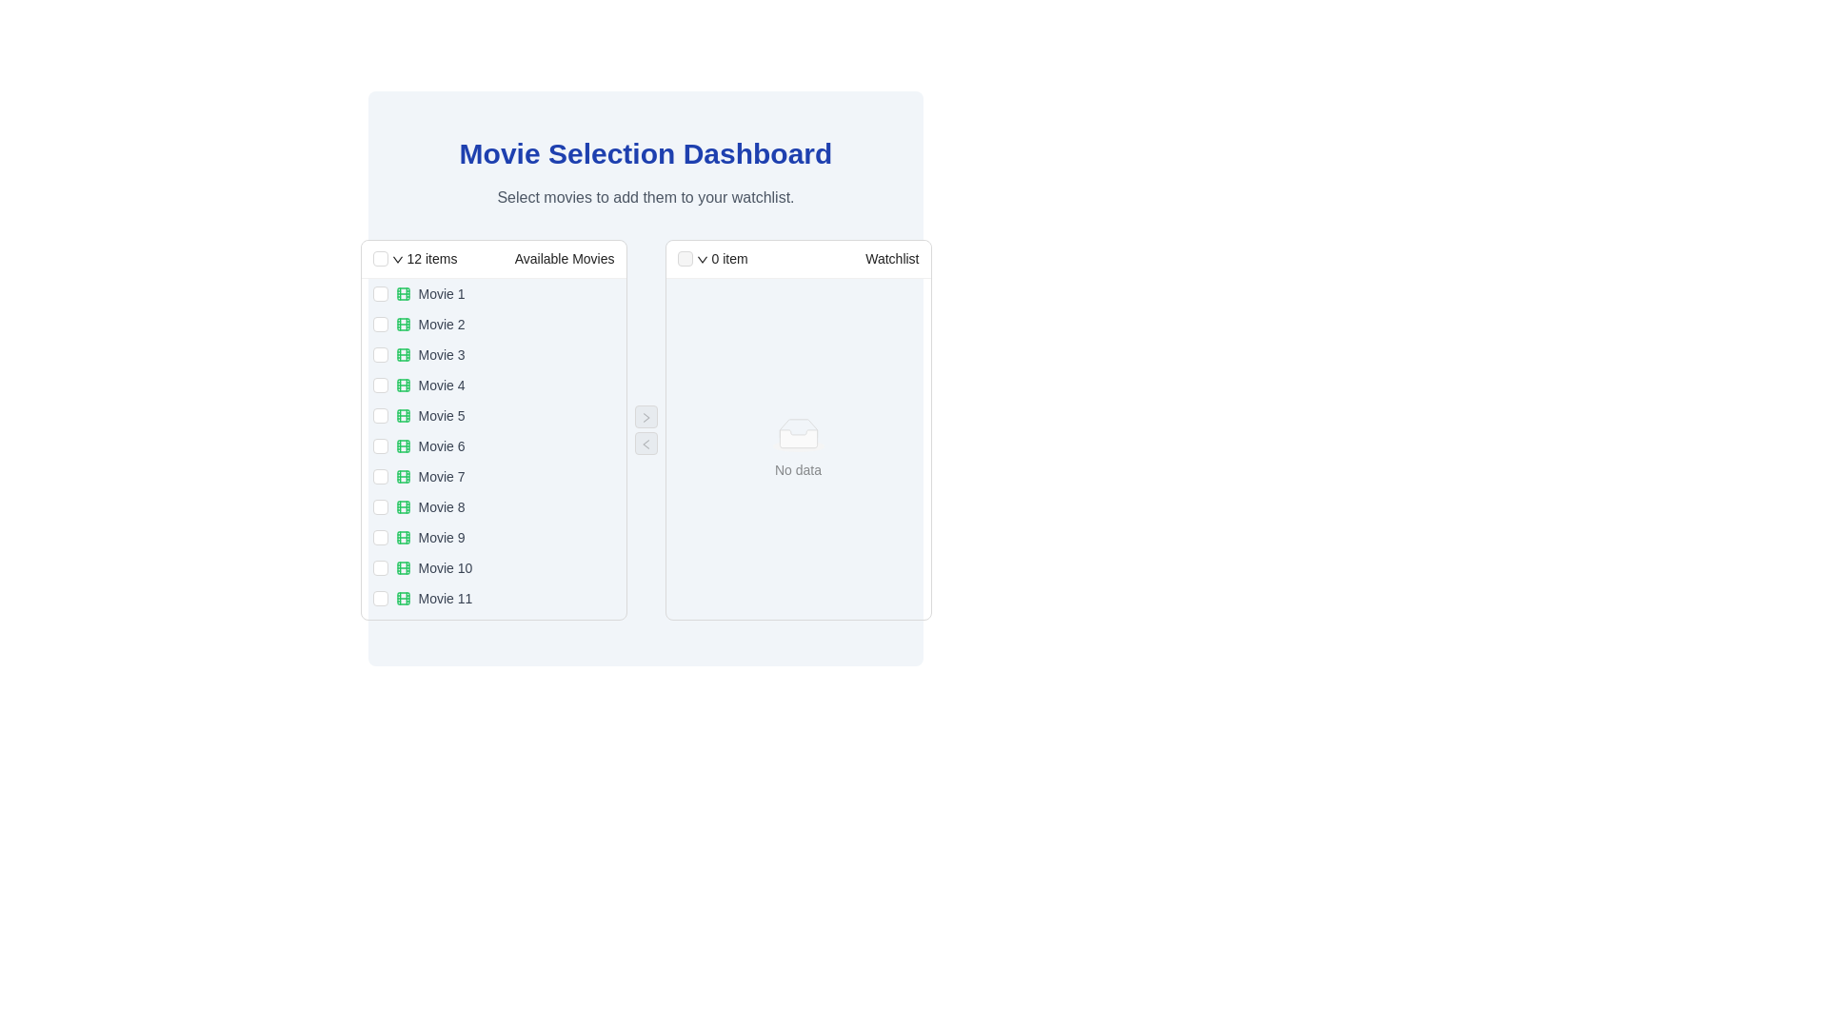  Describe the element at coordinates (493, 385) in the screenshot. I see `the selectable checkbox list item representing a movie, which is the fourth item under 'Available Movies'` at that location.